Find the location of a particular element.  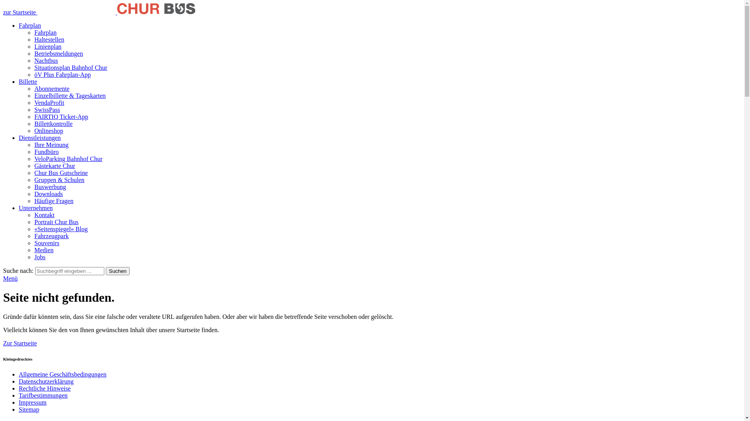

'Souvenirs' is located at coordinates (34, 242).